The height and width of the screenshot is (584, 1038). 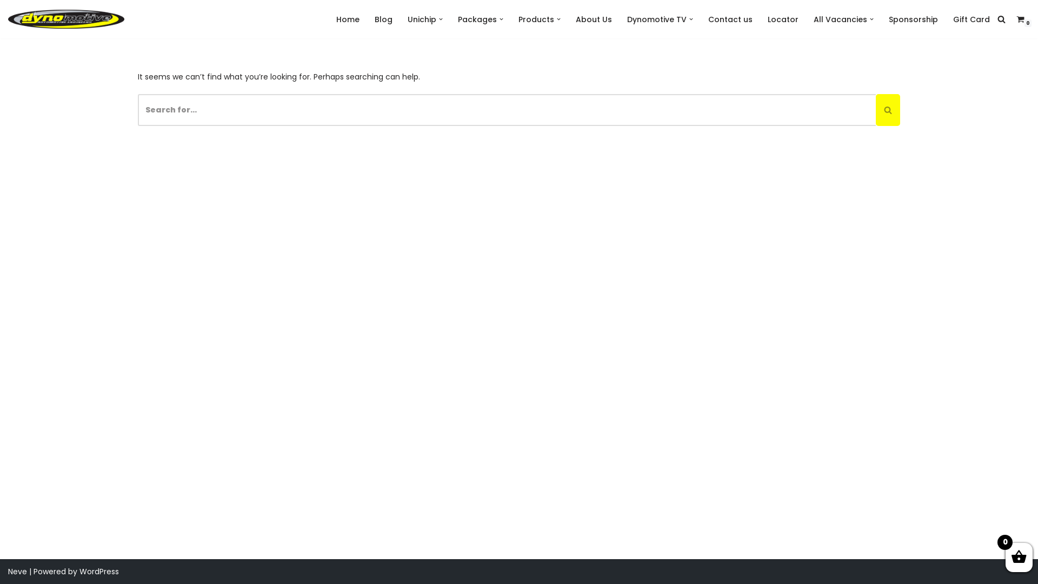 What do you see at coordinates (477, 19) in the screenshot?
I see `'Packages'` at bounding box center [477, 19].